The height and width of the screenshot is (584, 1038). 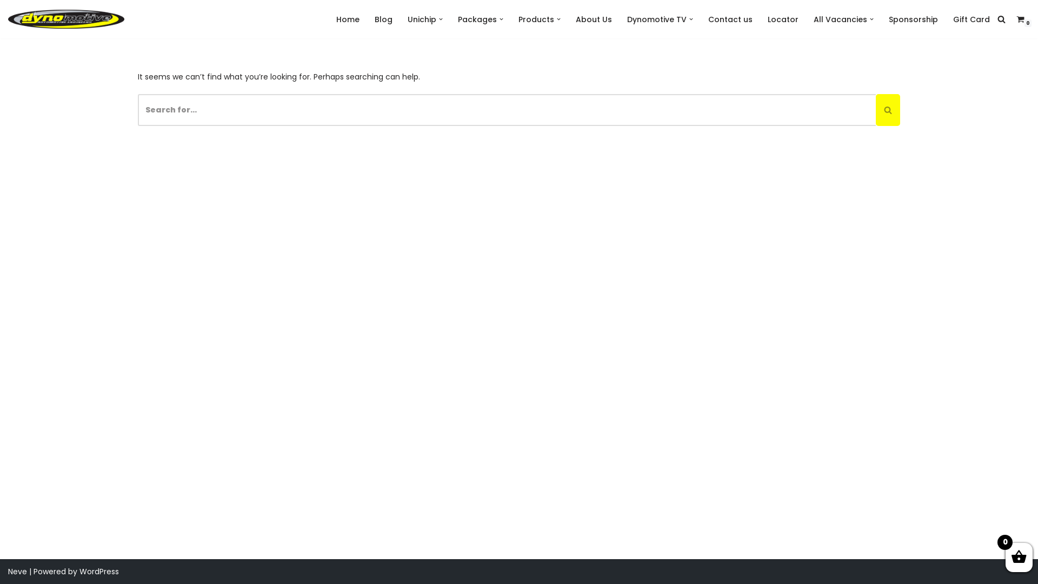 What do you see at coordinates (477, 19) in the screenshot?
I see `'Packages'` at bounding box center [477, 19].